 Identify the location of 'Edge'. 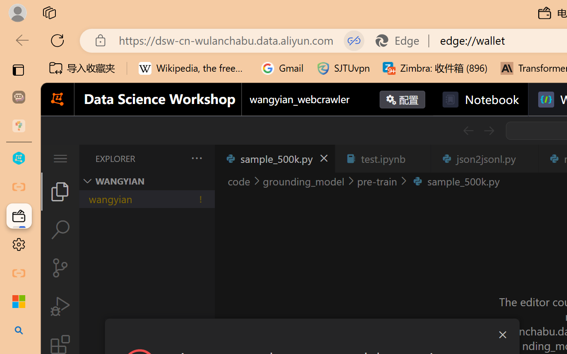
(401, 40).